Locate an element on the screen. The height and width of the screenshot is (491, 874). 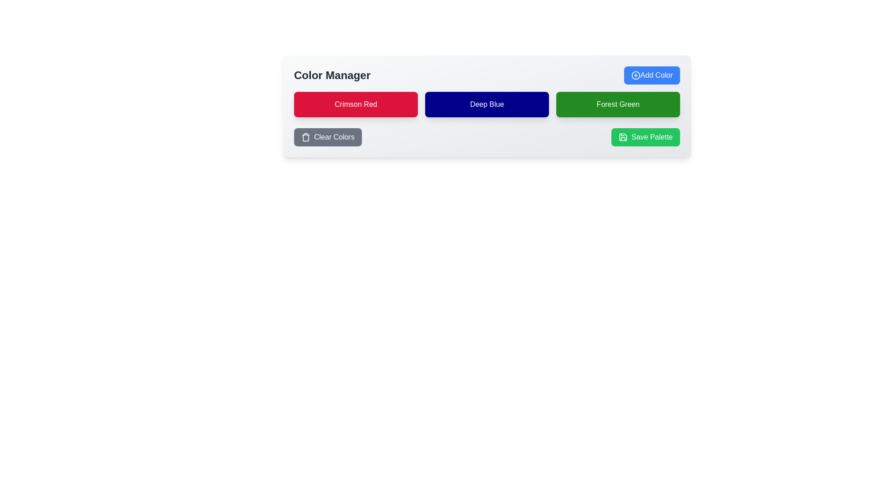
the text label that displays 'Crimson Red', which is styled with a white font on a bold crimson red background, located in the 'Color Manager' section as the first button from the left is located at coordinates (356, 104).